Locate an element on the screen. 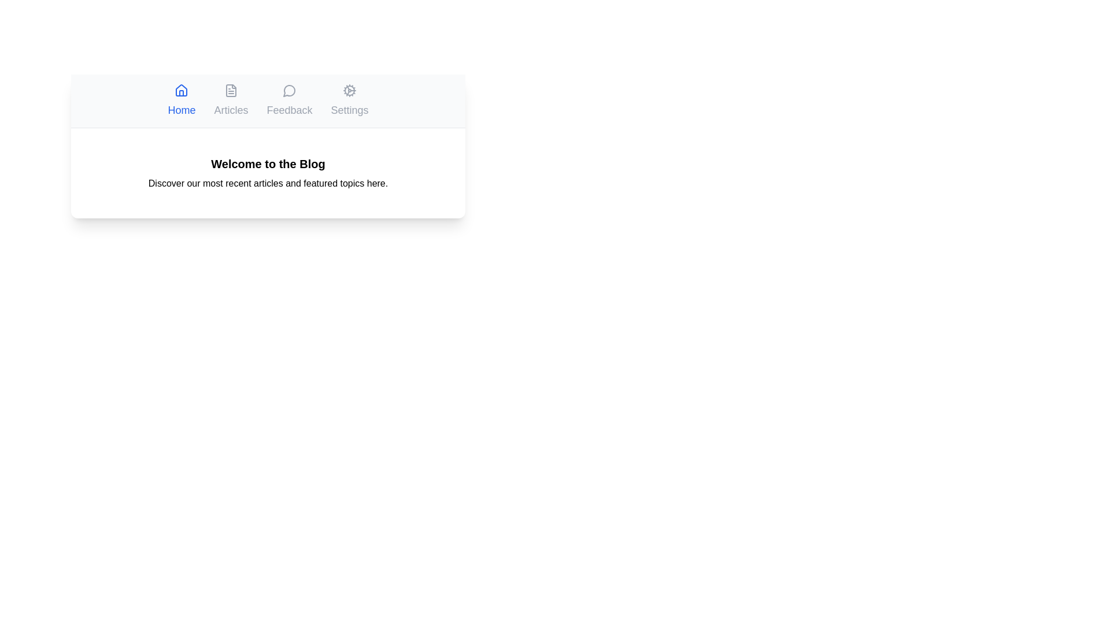 Image resolution: width=1110 pixels, height=624 pixels. the Settings tab to switch to its content section is located at coordinates (349, 100).